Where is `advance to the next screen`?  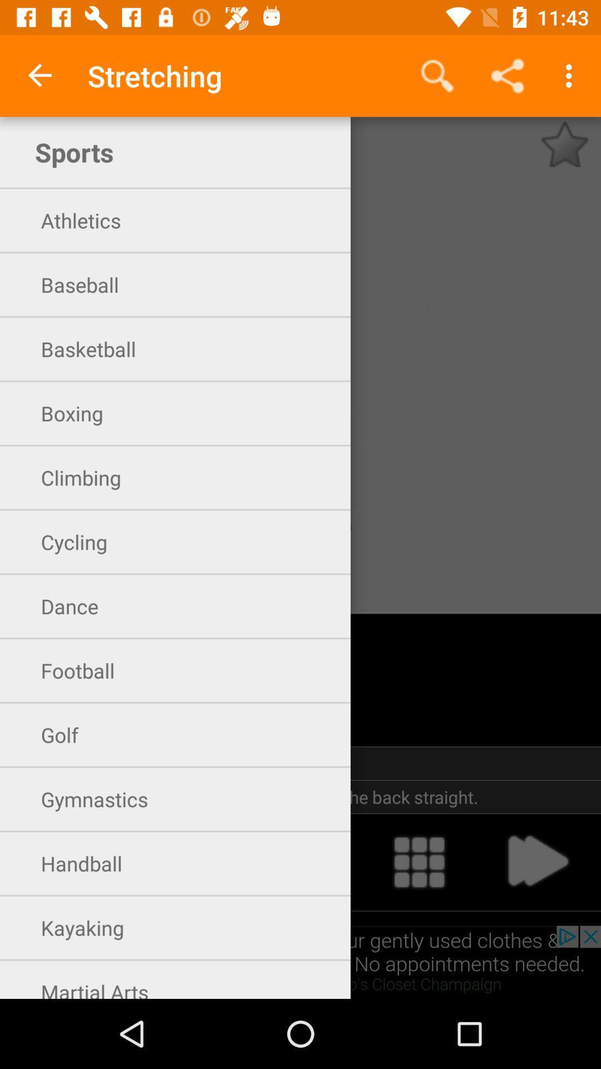
advance to the next screen is located at coordinates (536, 861).